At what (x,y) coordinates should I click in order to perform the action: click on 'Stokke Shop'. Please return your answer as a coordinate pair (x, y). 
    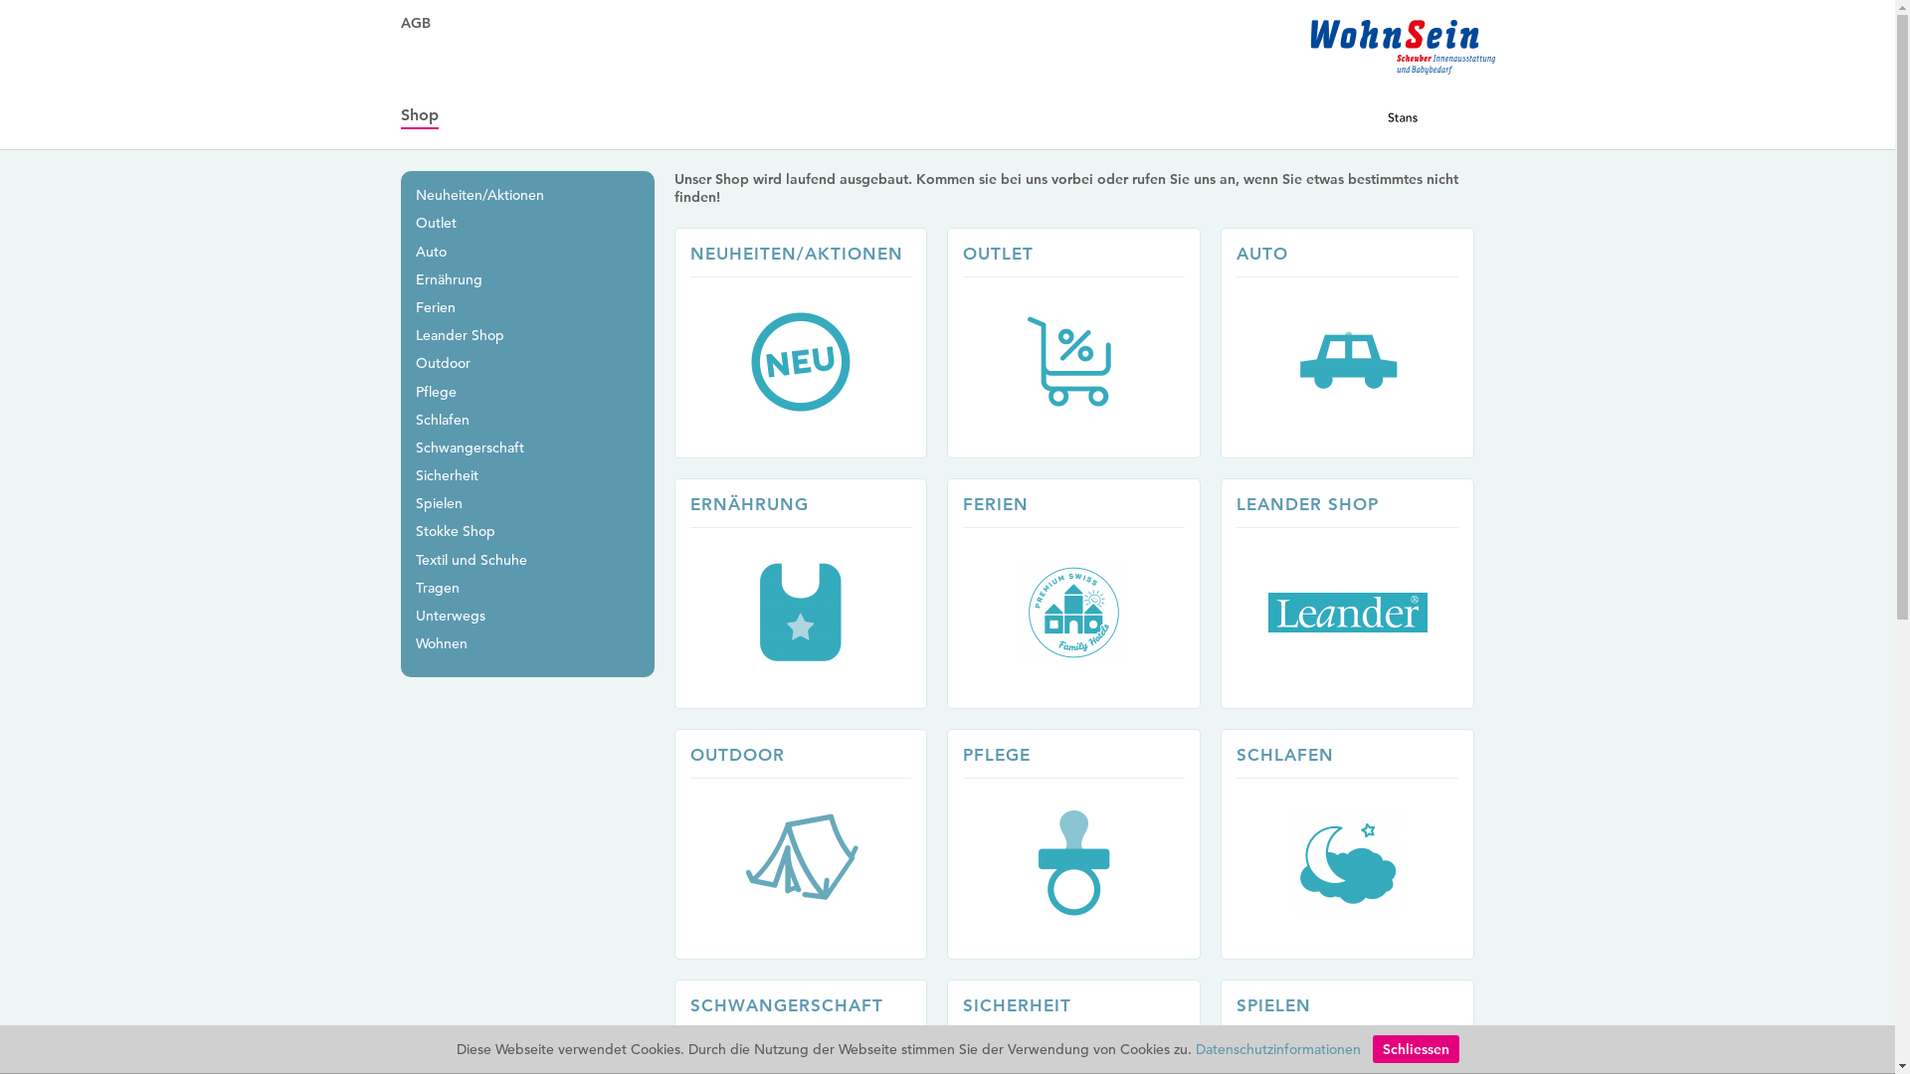
    Looking at the image, I should click on (454, 529).